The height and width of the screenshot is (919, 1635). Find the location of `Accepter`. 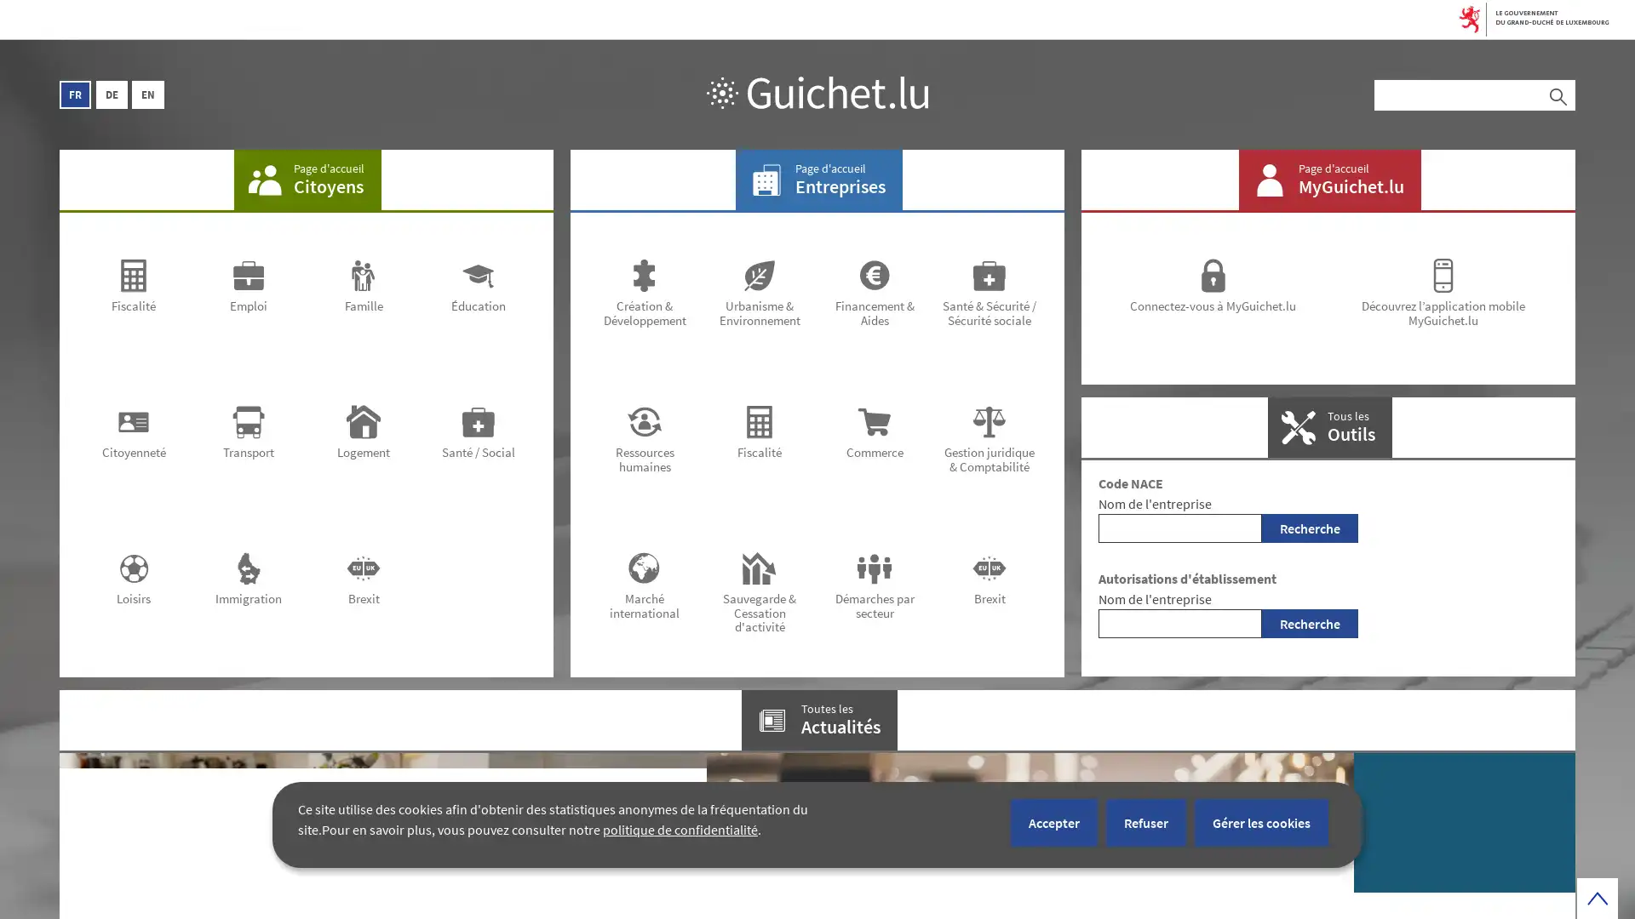

Accepter is located at coordinates (1053, 822).